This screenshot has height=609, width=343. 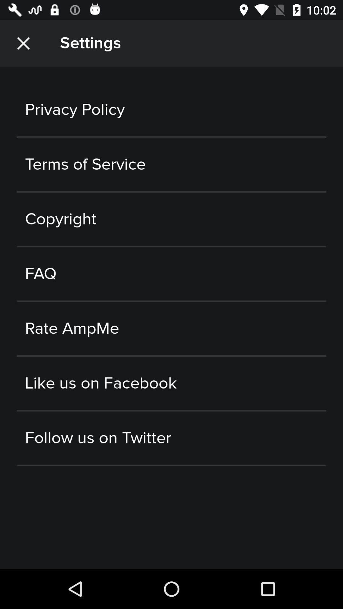 What do you see at coordinates (171, 274) in the screenshot?
I see `the faq` at bounding box center [171, 274].